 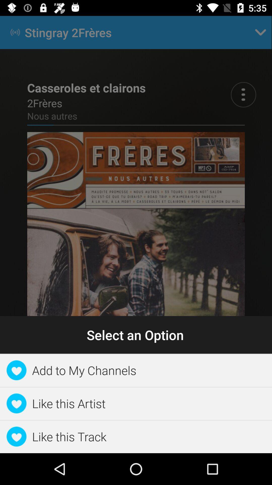 I want to click on the minus icon, so click(x=244, y=385).